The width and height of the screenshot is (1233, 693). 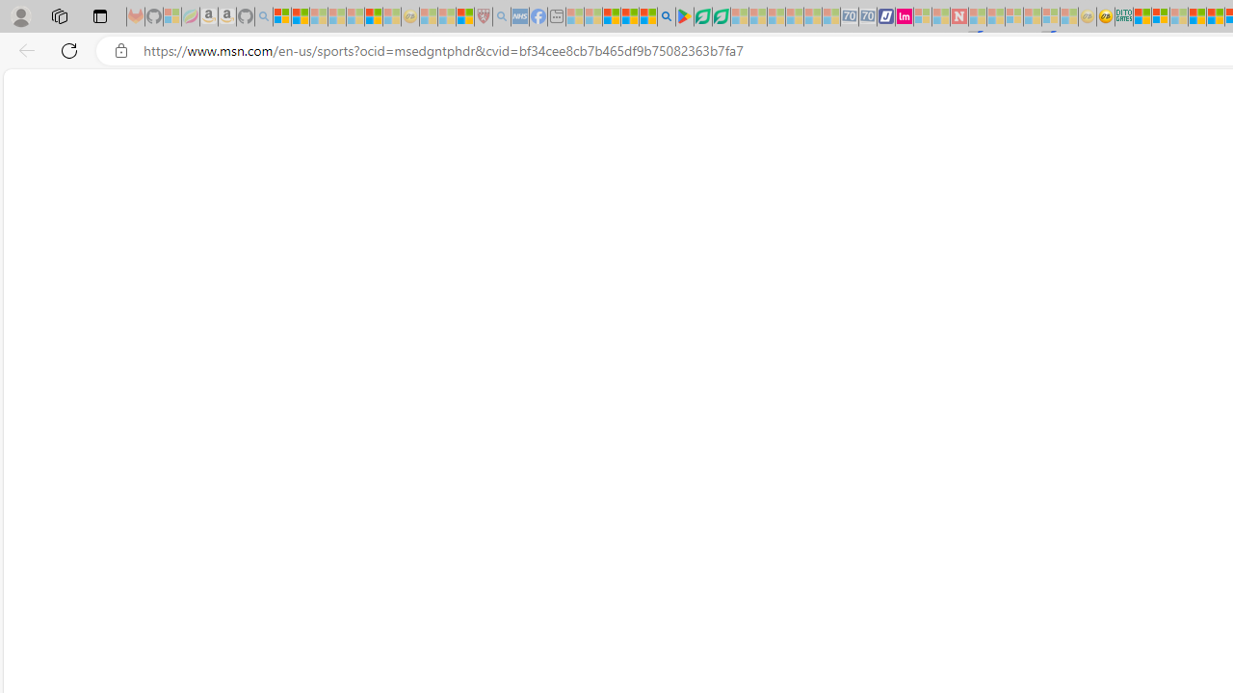 What do you see at coordinates (904, 16) in the screenshot?
I see `'Jobs - lastminute.com Investor Portal'` at bounding box center [904, 16].